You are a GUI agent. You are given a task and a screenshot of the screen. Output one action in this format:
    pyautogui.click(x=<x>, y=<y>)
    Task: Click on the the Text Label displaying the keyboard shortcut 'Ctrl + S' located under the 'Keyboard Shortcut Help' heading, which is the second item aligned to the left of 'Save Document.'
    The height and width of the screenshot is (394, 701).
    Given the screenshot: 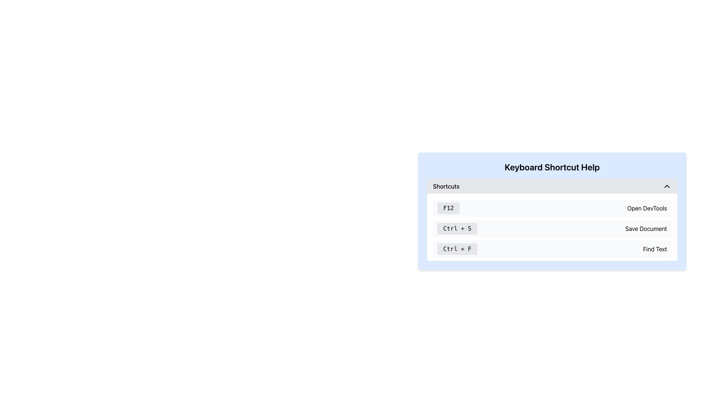 What is the action you would take?
    pyautogui.click(x=457, y=228)
    